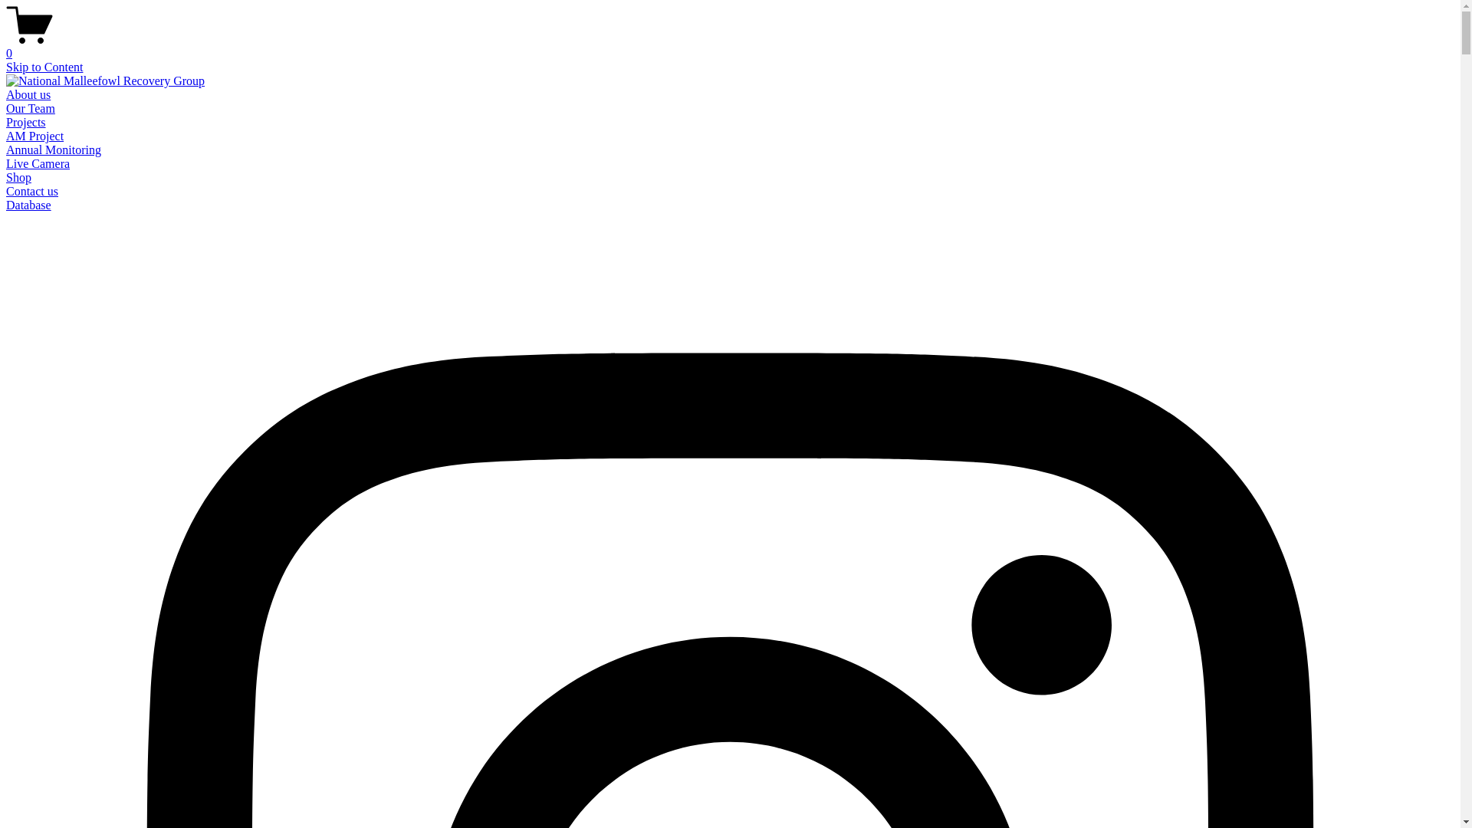 This screenshot has width=1472, height=828. What do you see at coordinates (25, 121) in the screenshot?
I see `'Projects'` at bounding box center [25, 121].